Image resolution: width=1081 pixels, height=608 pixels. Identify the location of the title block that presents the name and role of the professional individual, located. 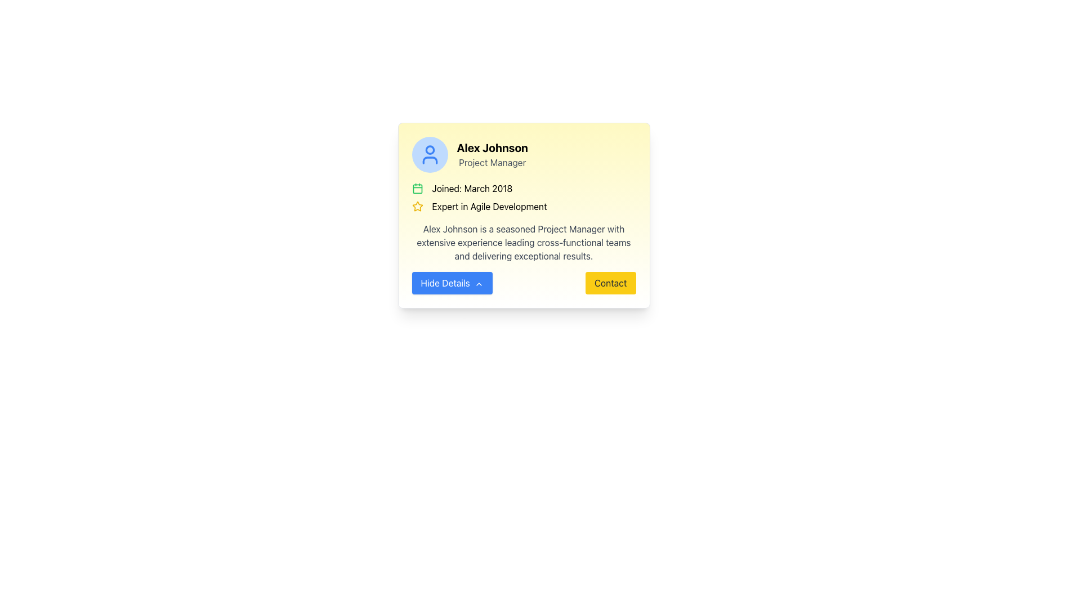
(492, 154).